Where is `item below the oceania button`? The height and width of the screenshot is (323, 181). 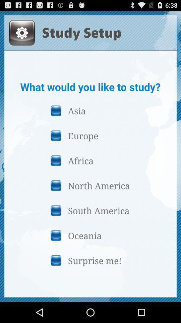
item below the oceania button is located at coordinates (90, 260).